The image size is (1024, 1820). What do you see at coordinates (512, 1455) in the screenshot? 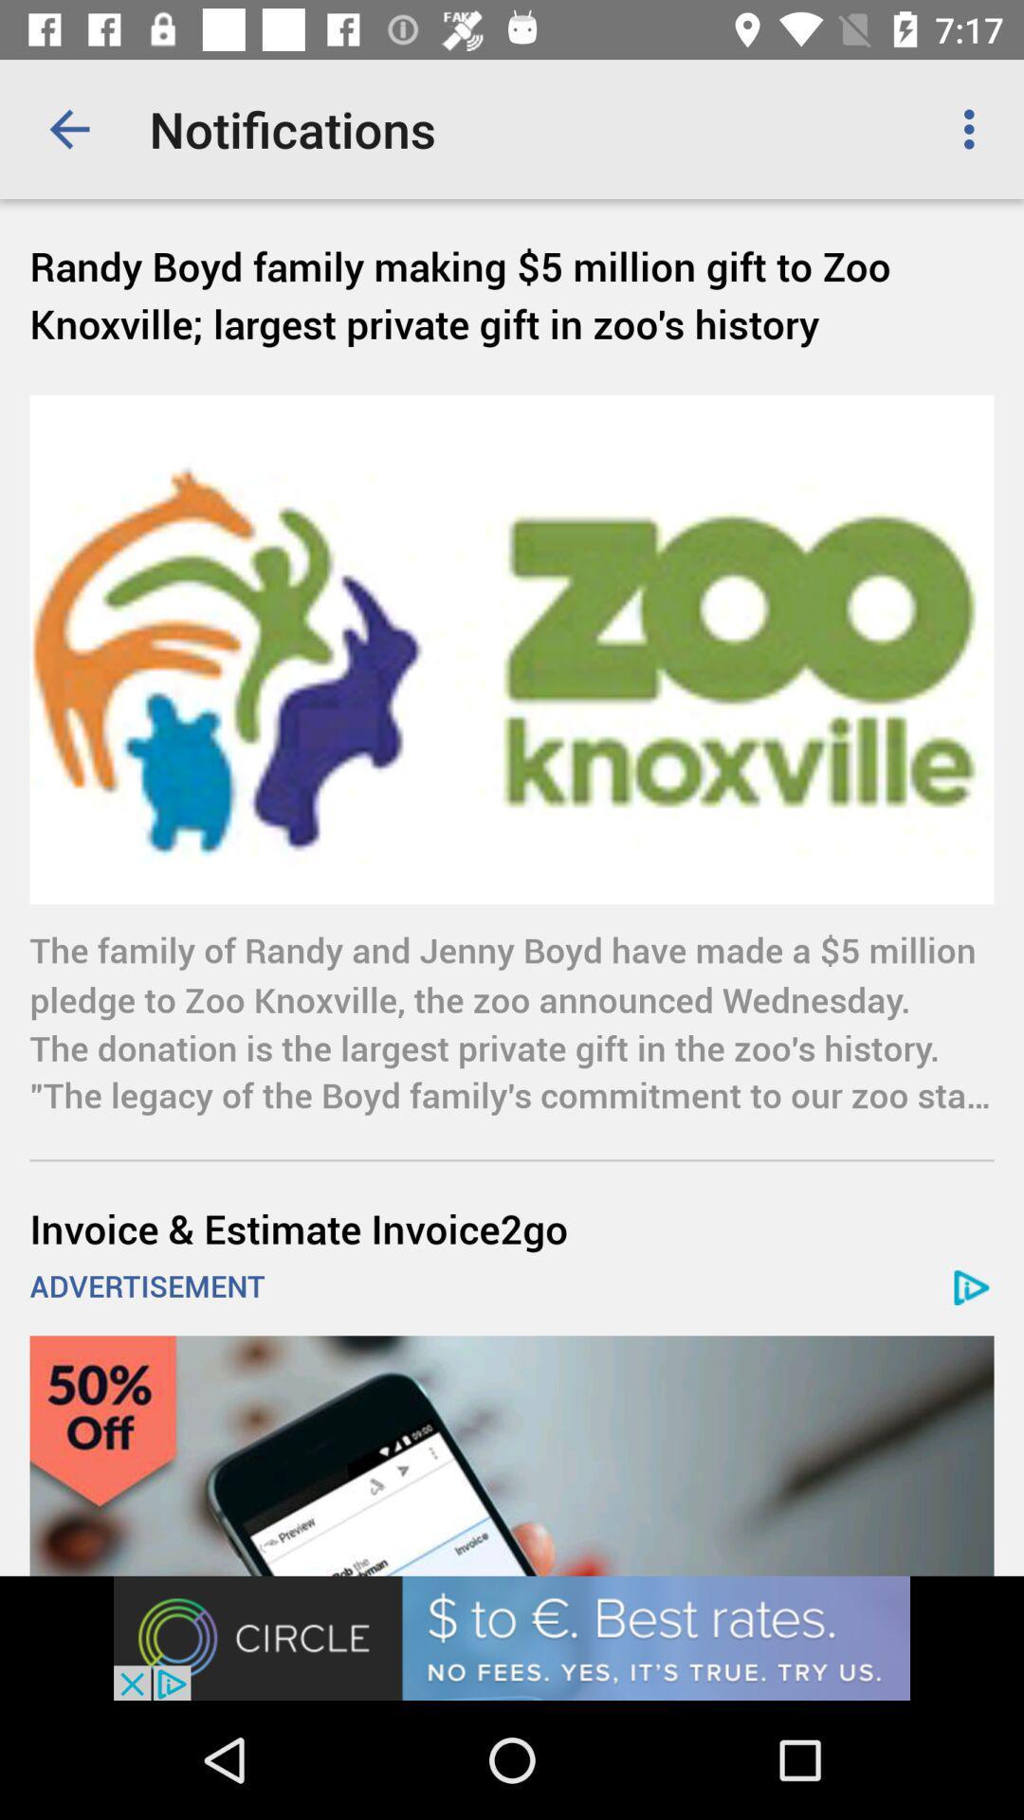
I see `sponsored content` at bounding box center [512, 1455].